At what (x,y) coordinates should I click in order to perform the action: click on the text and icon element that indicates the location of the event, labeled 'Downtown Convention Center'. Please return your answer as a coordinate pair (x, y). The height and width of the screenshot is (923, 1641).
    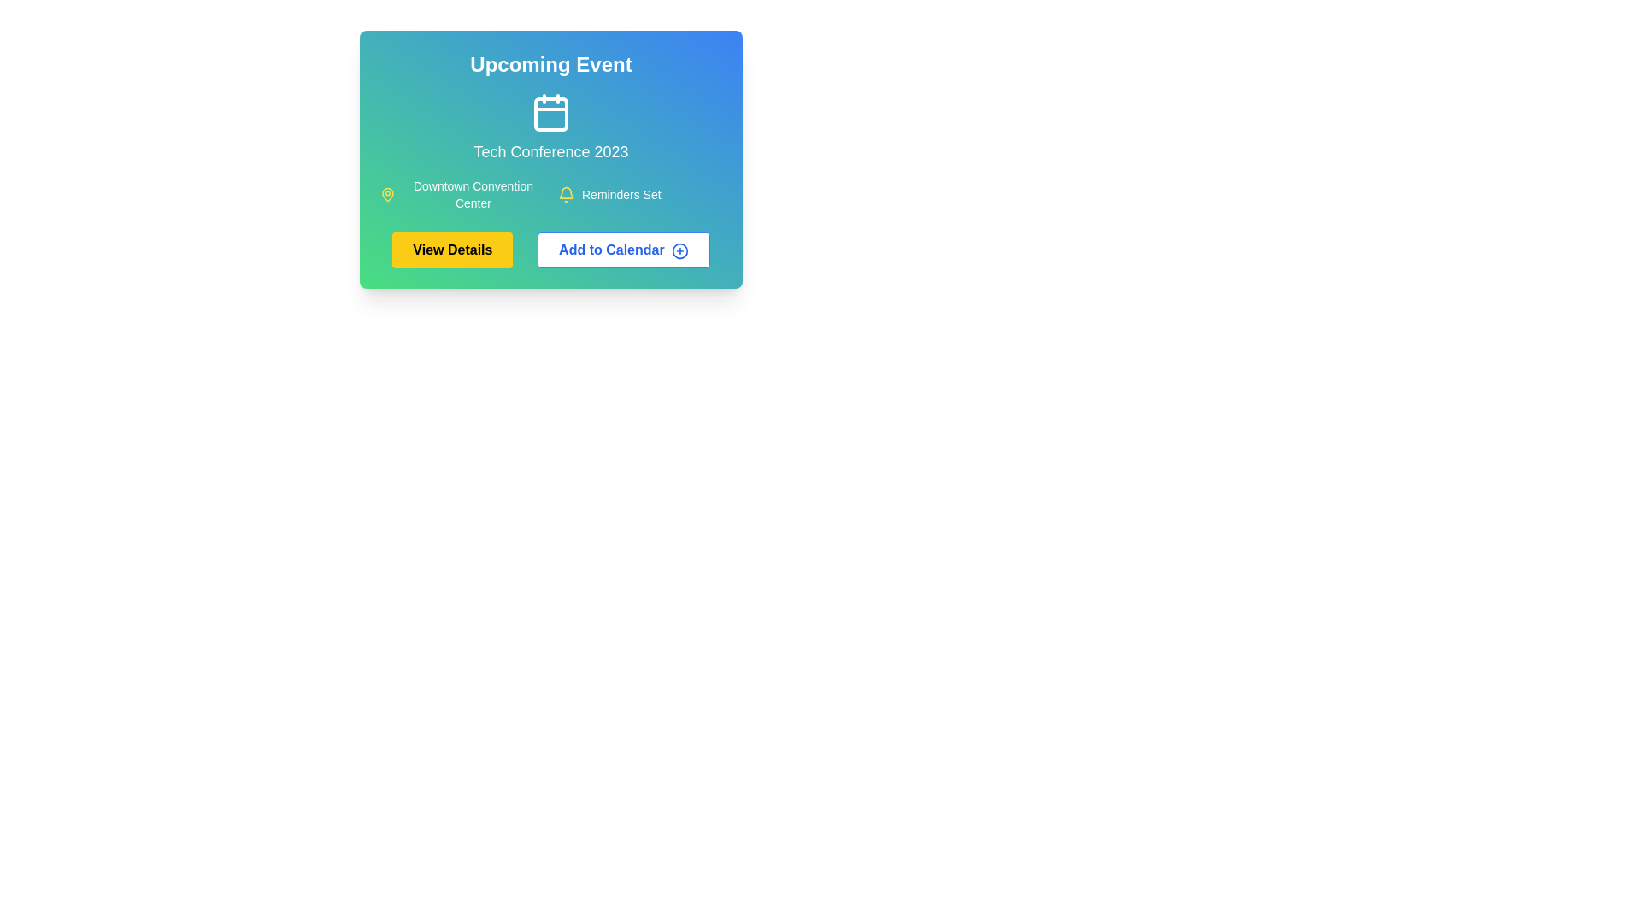
    Looking at the image, I should click on (462, 193).